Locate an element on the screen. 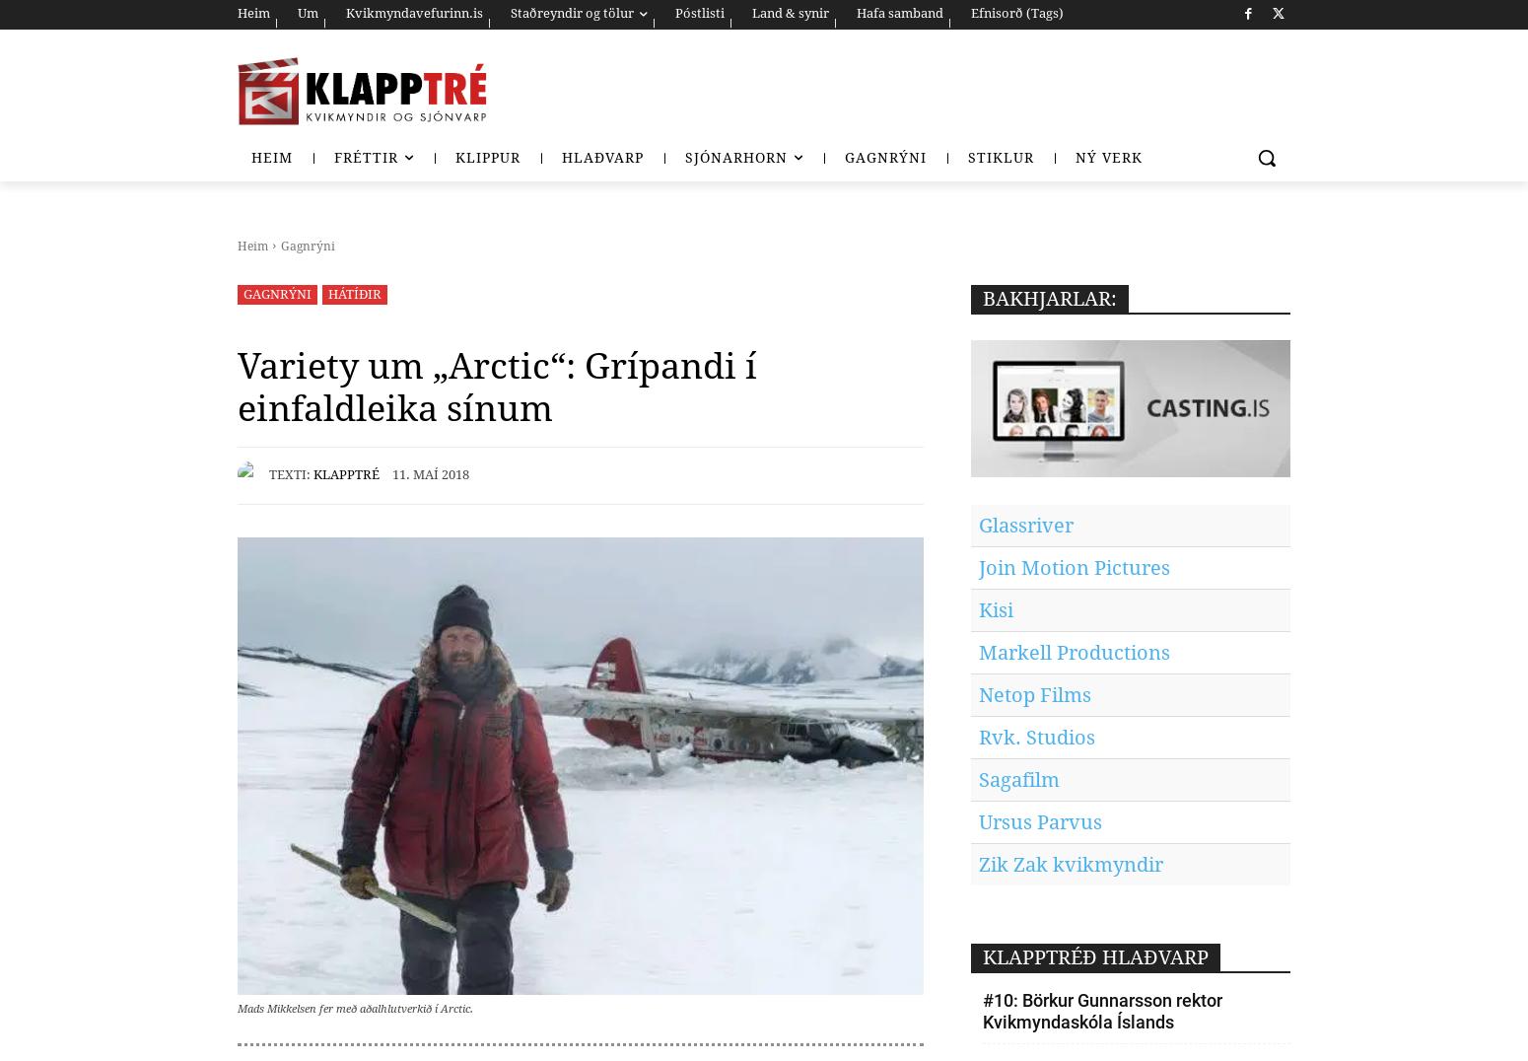 The image size is (1528, 1061). 'Sjónarhorn' is located at coordinates (684, 158).